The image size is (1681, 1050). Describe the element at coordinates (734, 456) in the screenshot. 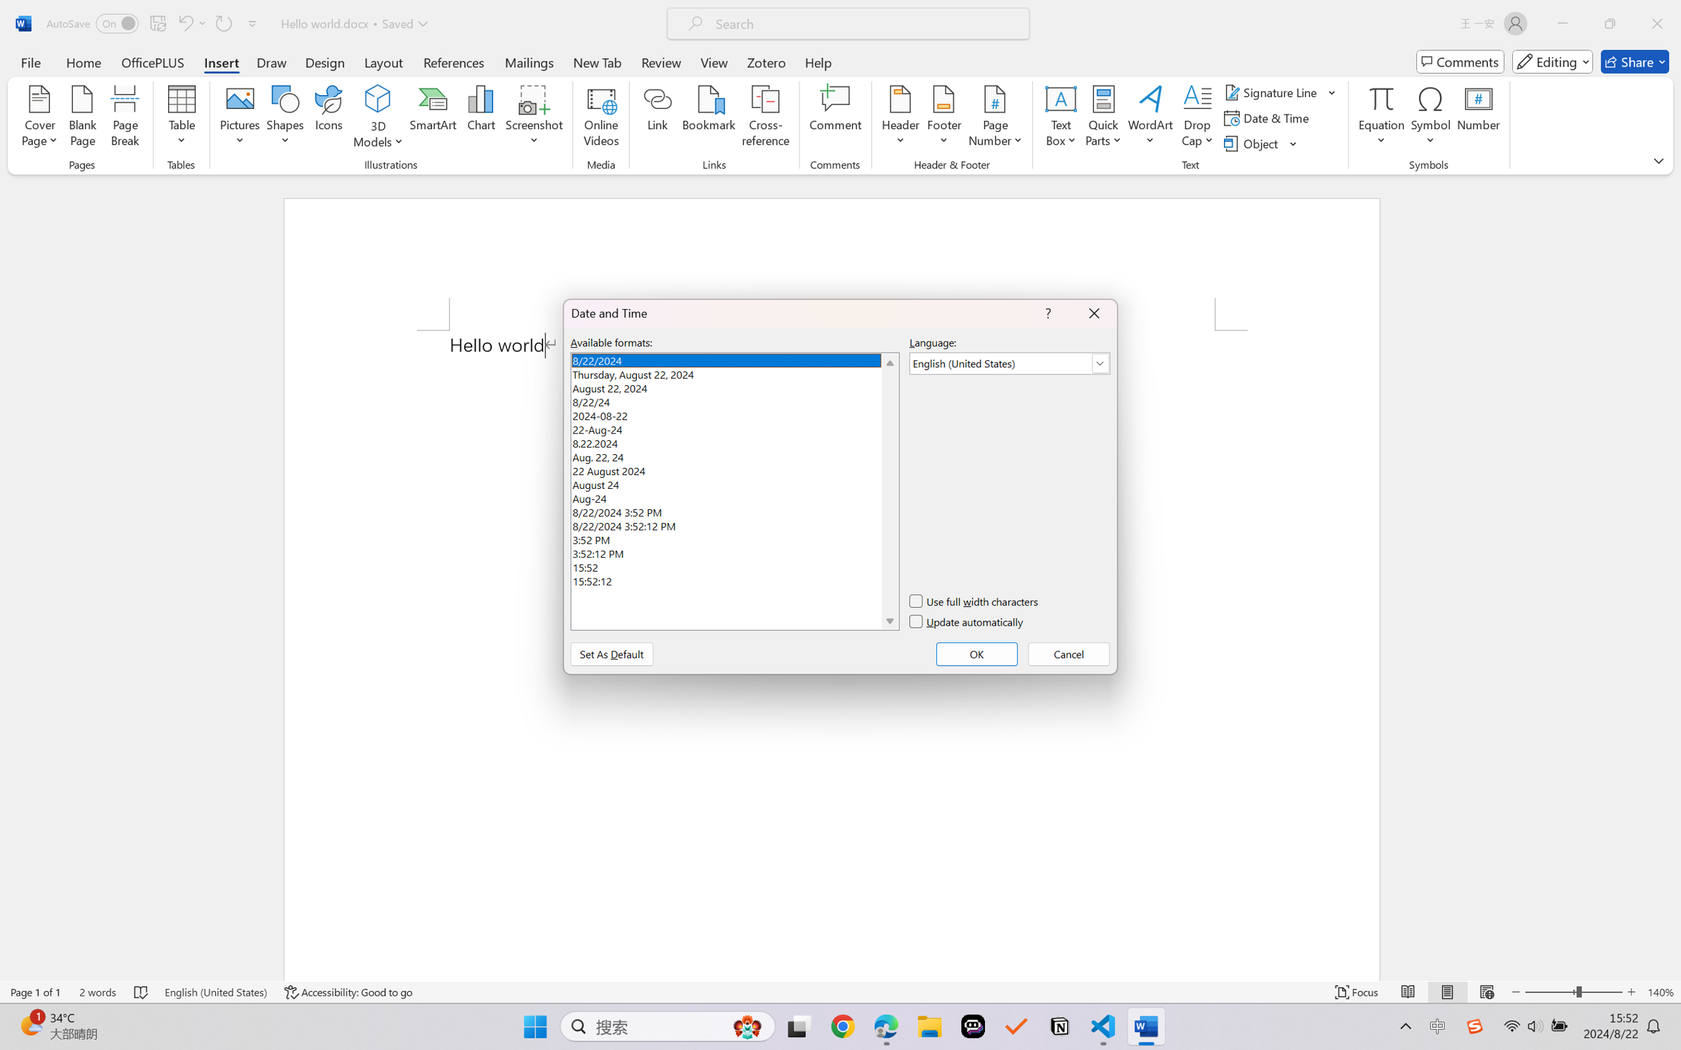

I see `'Aug. 22, 24'` at that location.